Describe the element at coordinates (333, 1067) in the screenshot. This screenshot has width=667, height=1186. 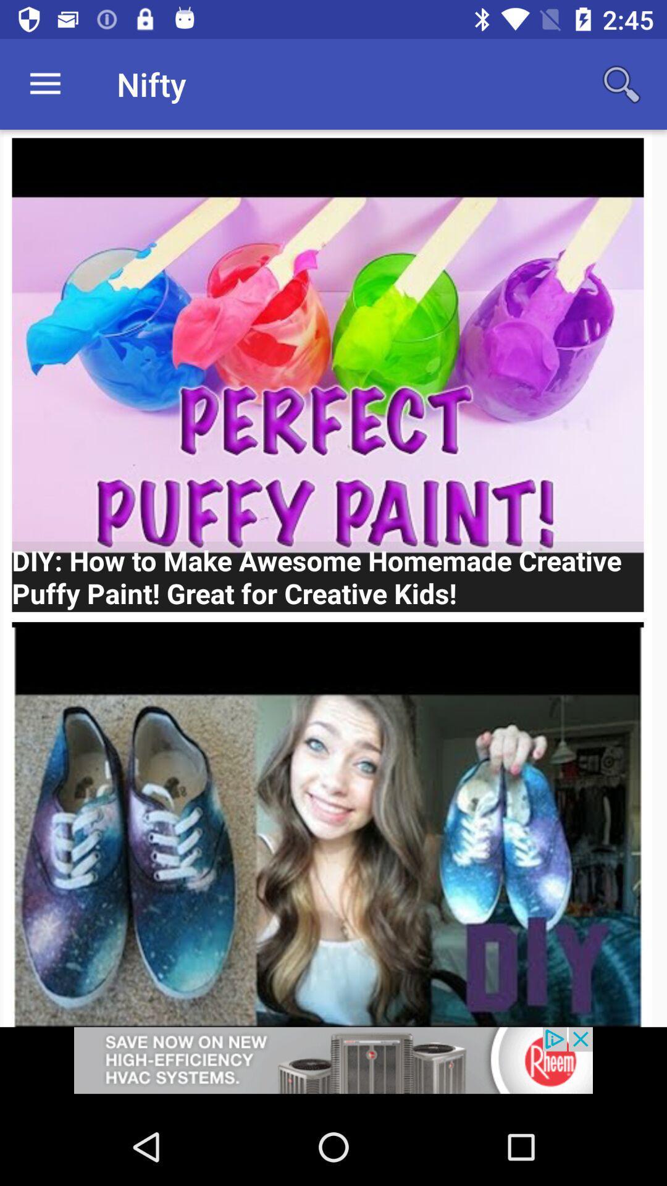
I see `add` at that location.